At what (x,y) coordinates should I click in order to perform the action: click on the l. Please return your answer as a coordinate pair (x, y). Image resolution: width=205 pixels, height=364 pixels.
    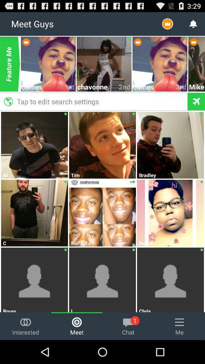
    Looking at the image, I should click on (102, 310).